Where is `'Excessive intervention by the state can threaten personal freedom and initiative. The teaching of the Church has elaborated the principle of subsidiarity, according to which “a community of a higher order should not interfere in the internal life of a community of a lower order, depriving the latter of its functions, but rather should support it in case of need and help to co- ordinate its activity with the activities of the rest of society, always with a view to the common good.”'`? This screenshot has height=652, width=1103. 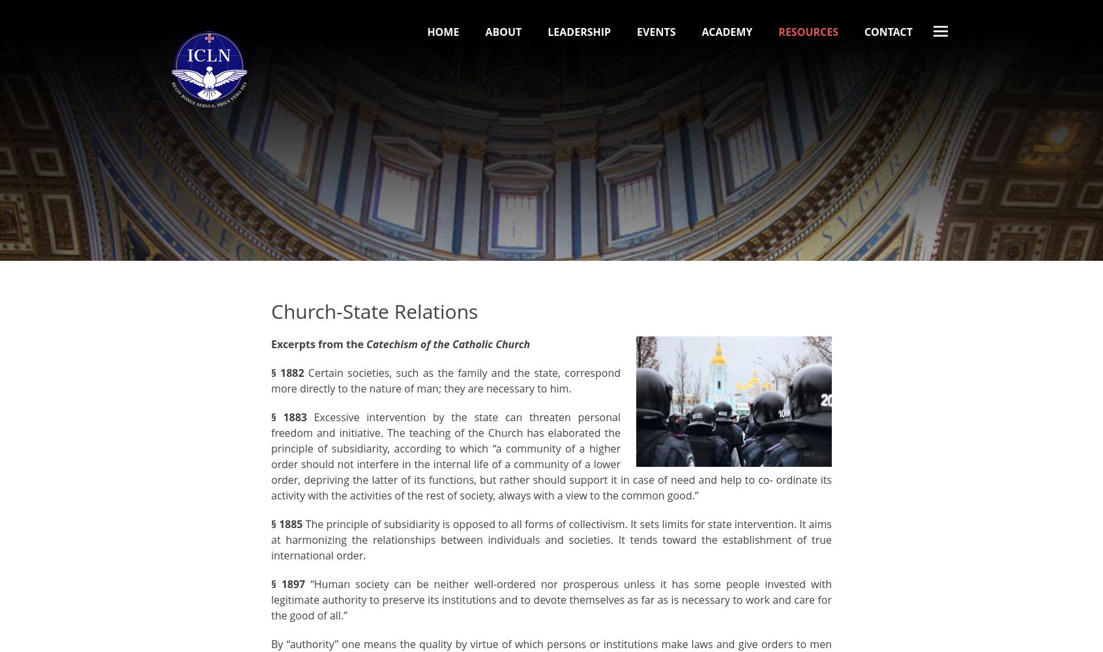
'Excessive intervention by the state can threaten personal freedom and initiative. The teaching of the Church has elaborated the principle of subsidiarity, according to which “a community of a higher order should not interfere in the internal life of a community of a lower order, depriving the latter of its functions, but rather should support it in case of need and help to co- ordinate its activity with the activities of the rest of society, always with a view to the common good.”' is located at coordinates (551, 456).